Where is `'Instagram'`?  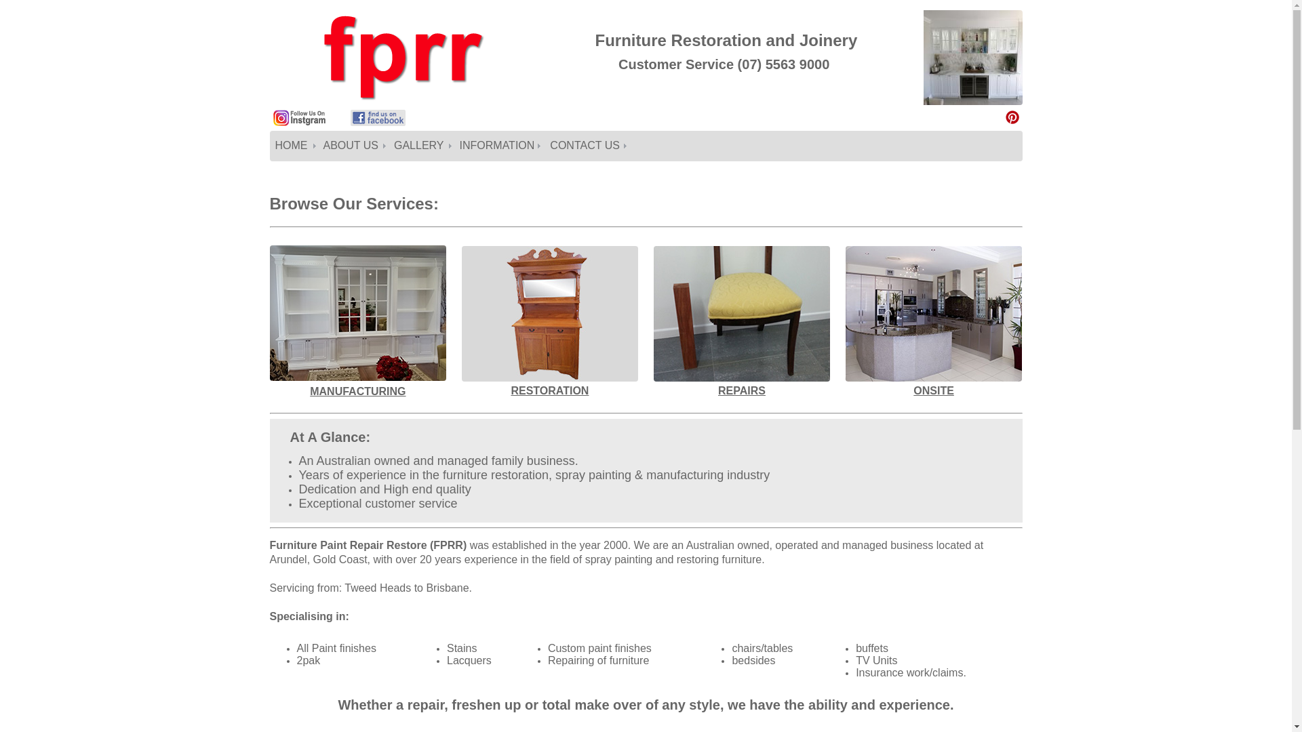 'Instagram' is located at coordinates (272, 123).